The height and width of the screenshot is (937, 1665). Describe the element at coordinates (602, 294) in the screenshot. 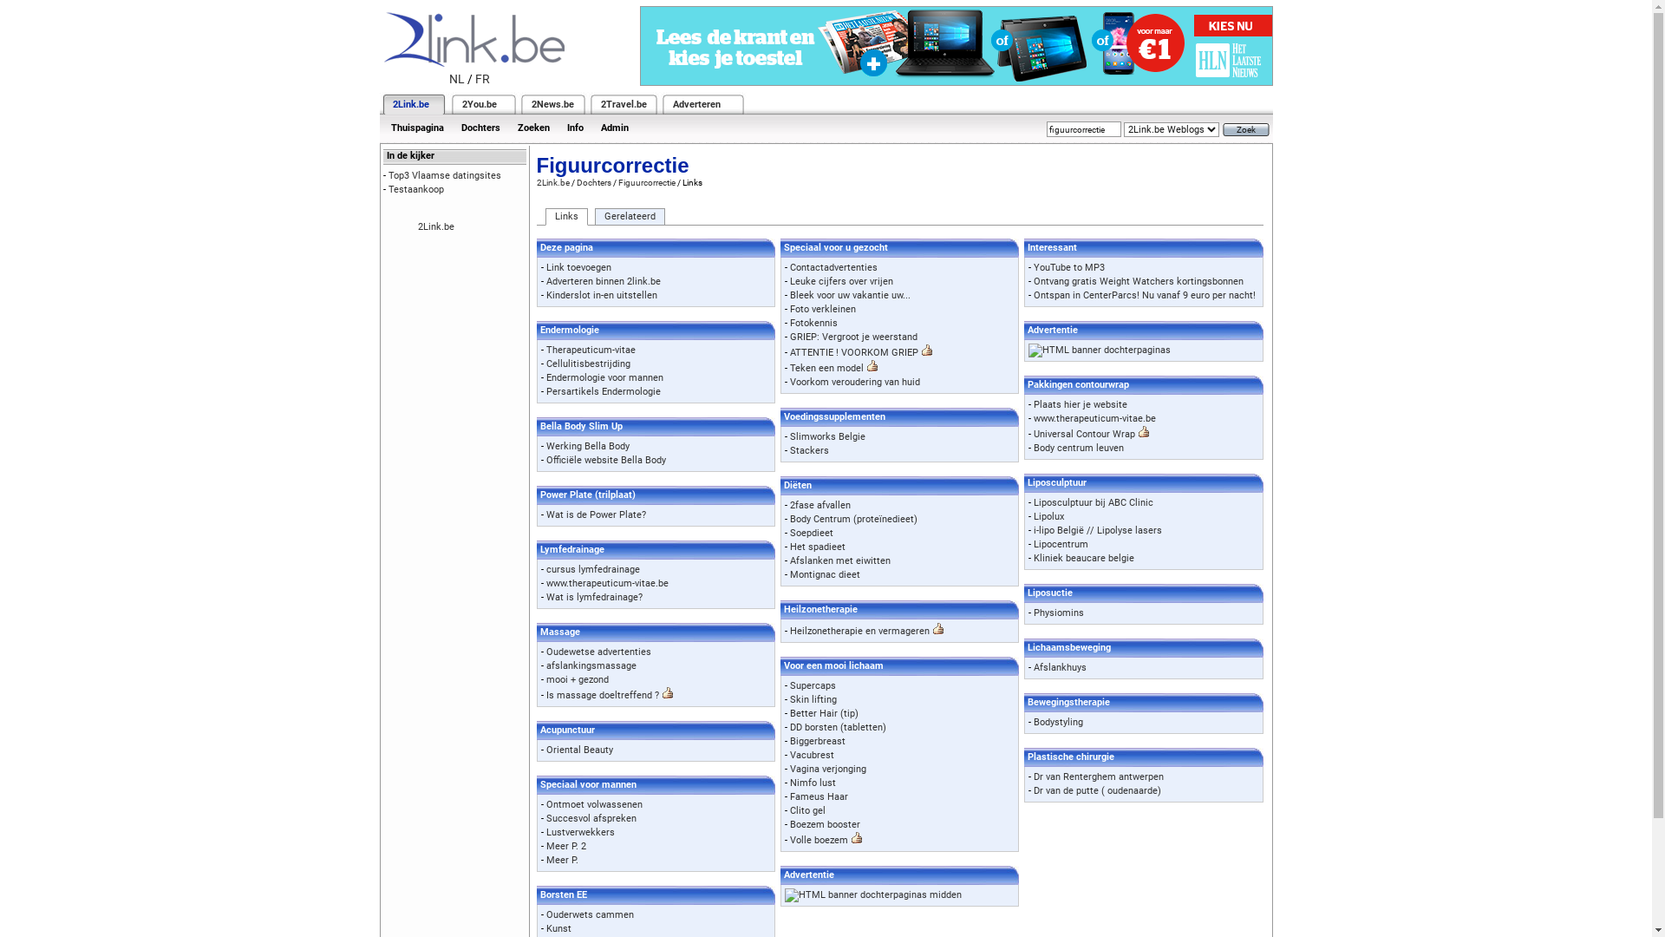

I see `'Kinderslot in-en uitstellen'` at that location.